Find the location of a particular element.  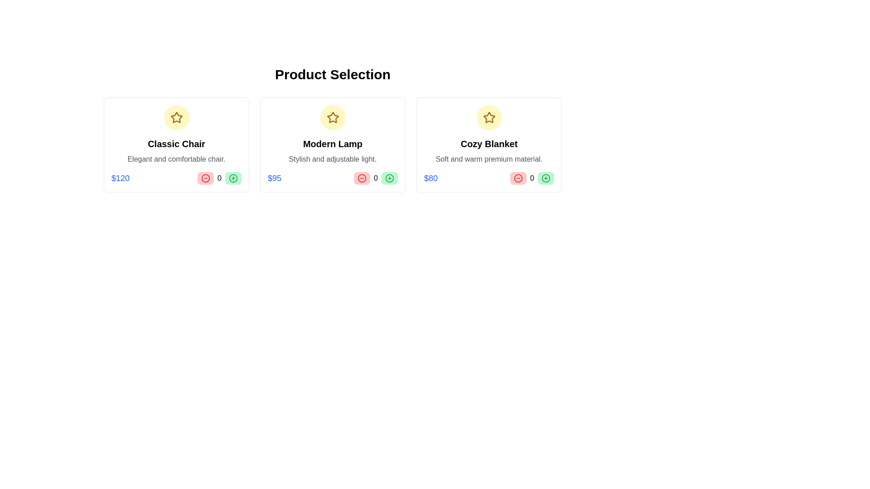

the static text element displaying the title 'Modern Lamp' is located at coordinates (332, 143).